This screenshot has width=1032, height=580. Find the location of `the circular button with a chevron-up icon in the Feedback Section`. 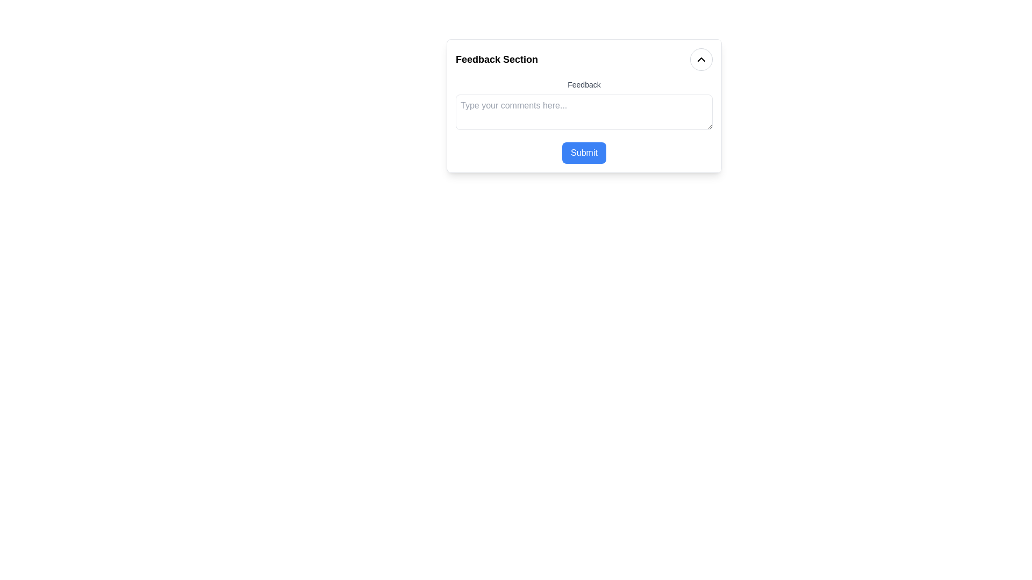

the circular button with a chevron-up icon in the Feedback Section is located at coordinates (701, 60).